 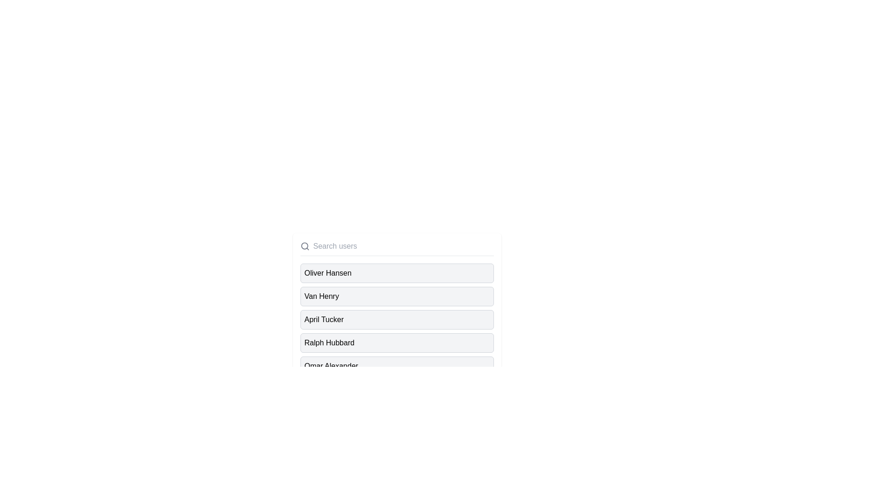 What do you see at coordinates (331, 365) in the screenshot?
I see `the fifth list item containing the text 'Omar Alexander'` at bounding box center [331, 365].